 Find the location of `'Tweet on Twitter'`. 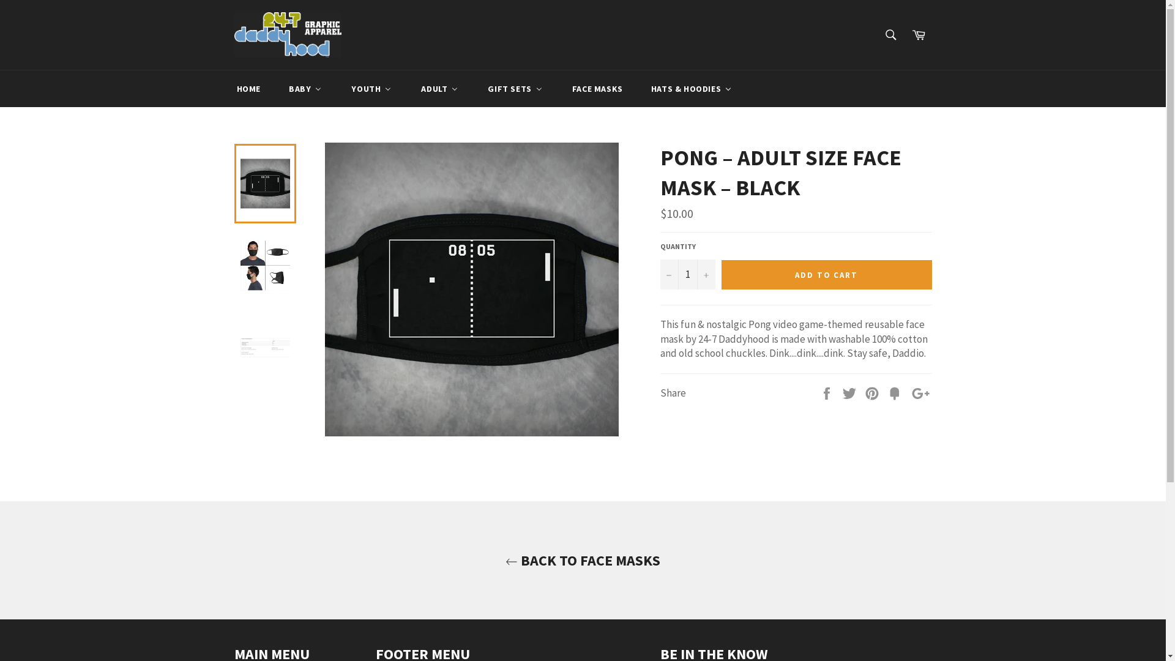

'Tweet on Twitter' is located at coordinates (841, 392).